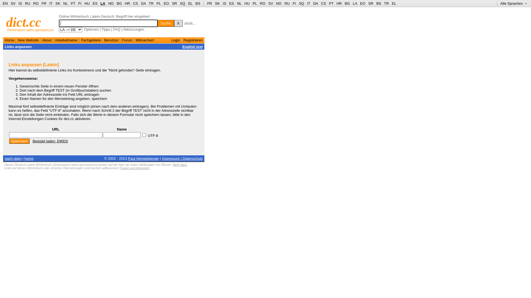  Describe the element at coordinates (127, 3) in the screenshot. I see `'HR'` at that location.